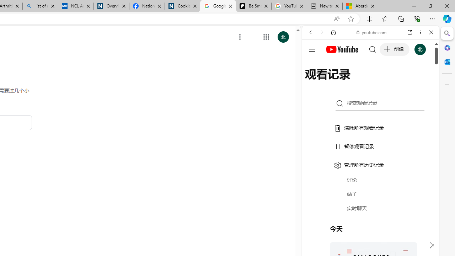 Image resolution: width=455 pixels, height=256 pixels. What do you see at coordinates (360, 6) in the screenshot?
I see `'Aberdeen, Hong Kong SAR hourly forecast | Microsoft Weather'` at bounding box center [360, 6].